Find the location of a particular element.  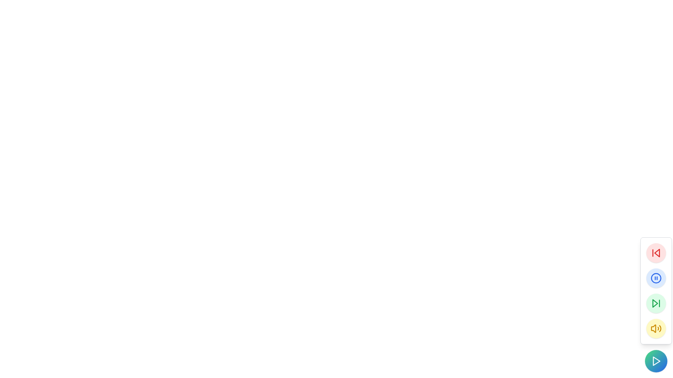

the small circular button with a red background and a leftward pointing double-chevron arrow icon is located at coordinates (656, 253).